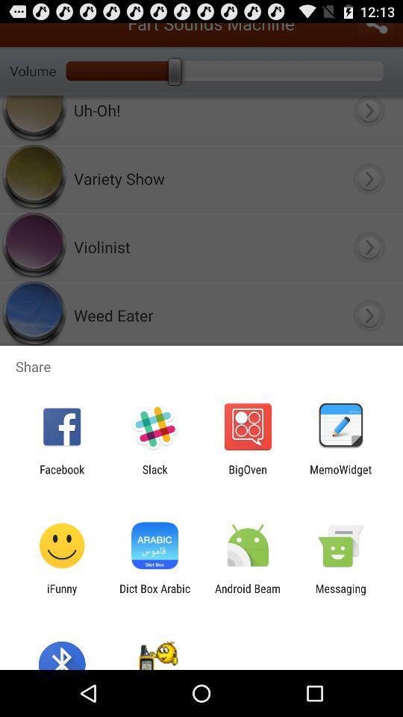 This screenshot has height=717, width=403. What do you see at coordinates (154, 595) in the screenshot?
I see `icon to the left of the android beam item` at bounding box center [154, 595].